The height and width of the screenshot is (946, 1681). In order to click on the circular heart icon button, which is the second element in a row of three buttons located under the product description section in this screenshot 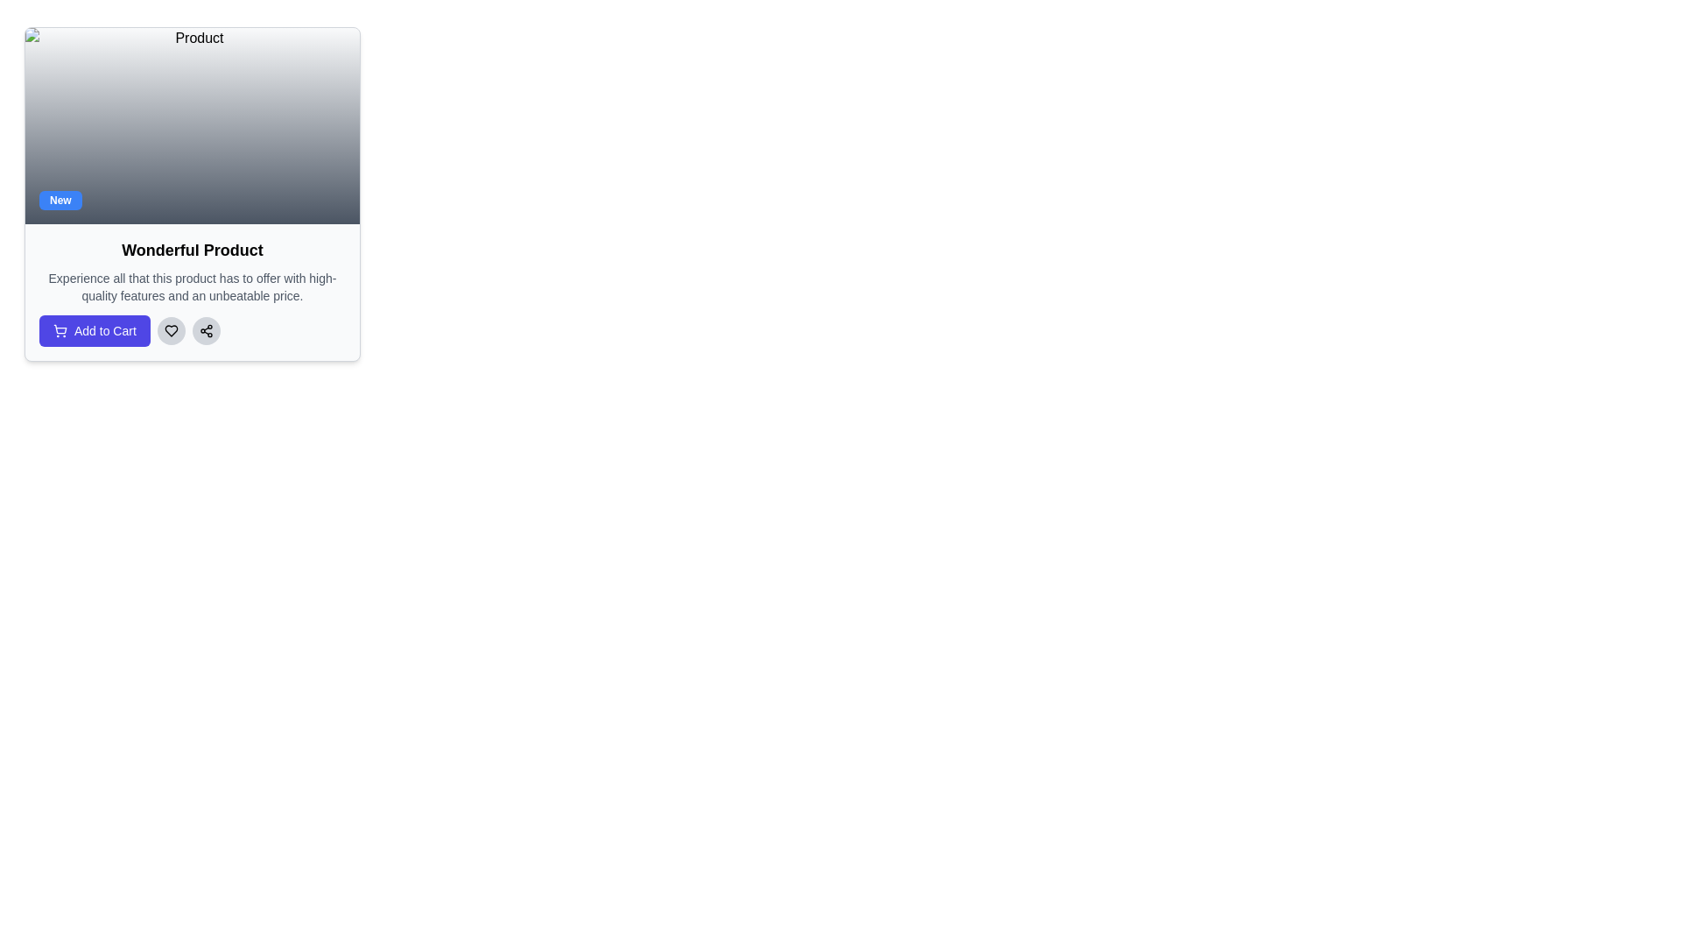, I will do `click(193, 331)`.